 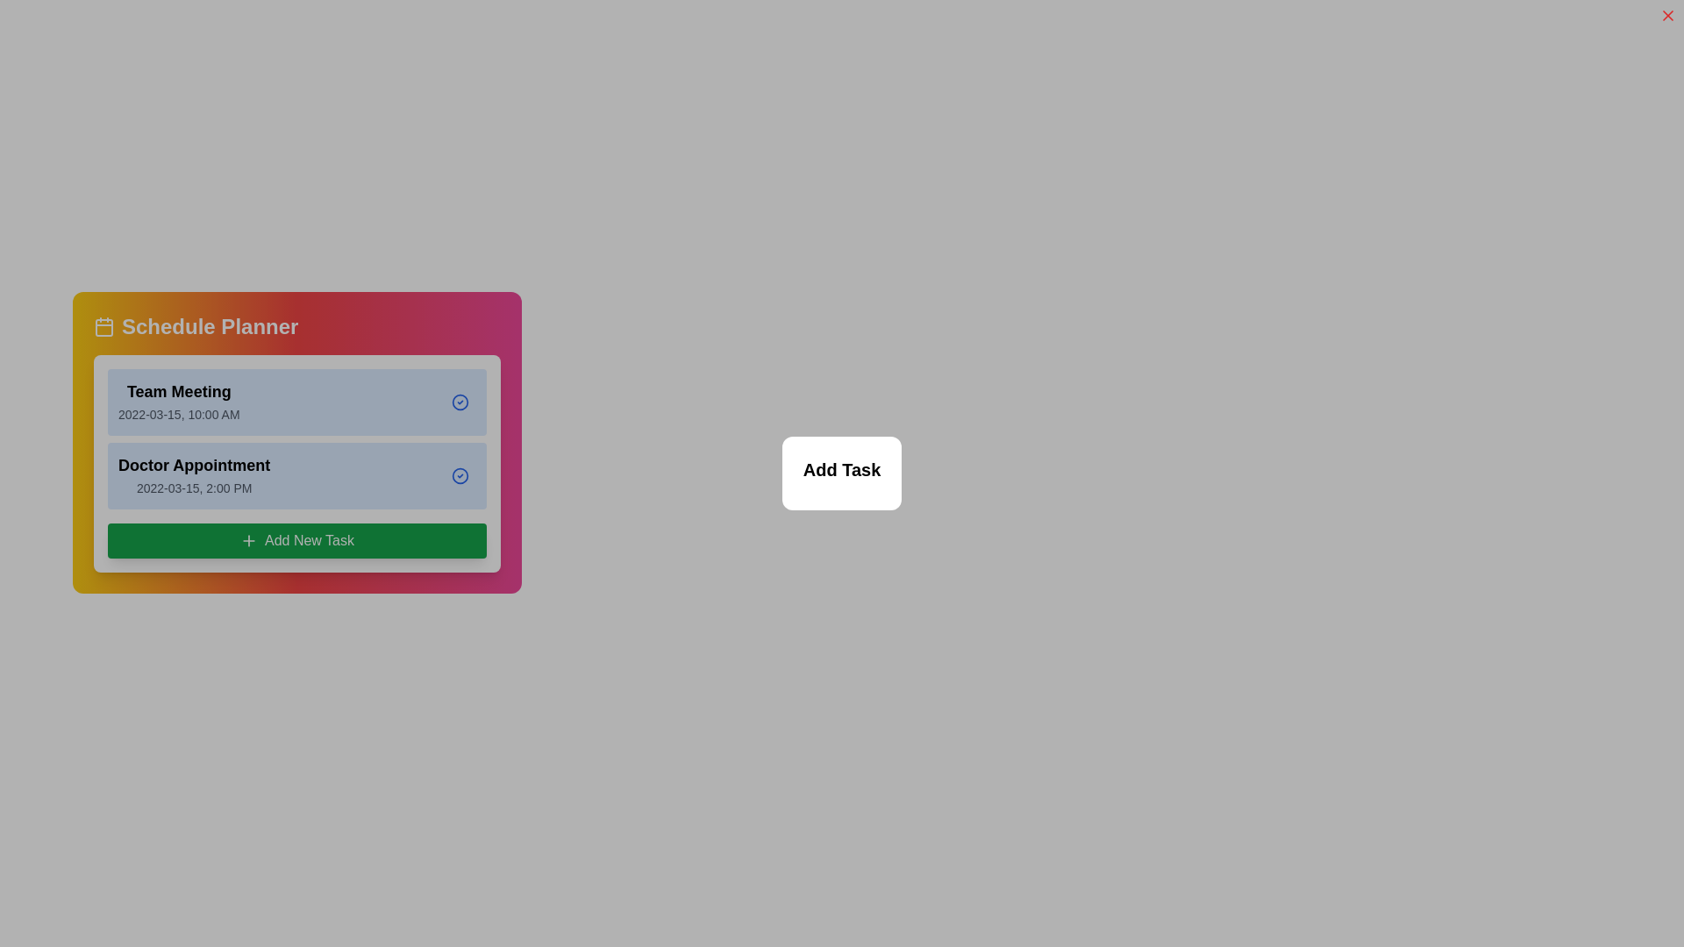 What do you see at coordinates (194, 476) in the screenshot?
I see `the Text Display element that shows appointment details, located in the second section of the 'Schedule Planner' panel, below 'Team Meeting'` at bounding box center [194, 476].